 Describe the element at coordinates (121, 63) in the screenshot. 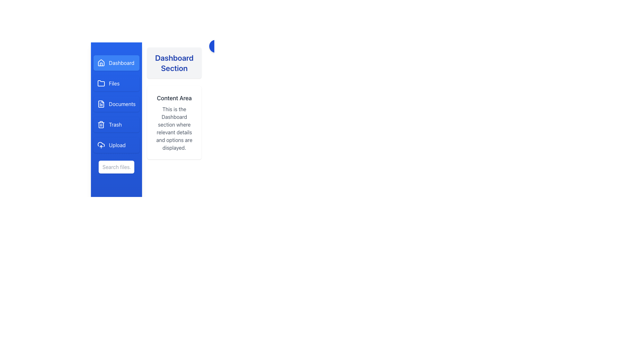

I see `text content of the Text Label that serves as the label for the Dashboard button, which is located in the vertical navigation bar on the left side of the interface, next to a house icon` at that location.